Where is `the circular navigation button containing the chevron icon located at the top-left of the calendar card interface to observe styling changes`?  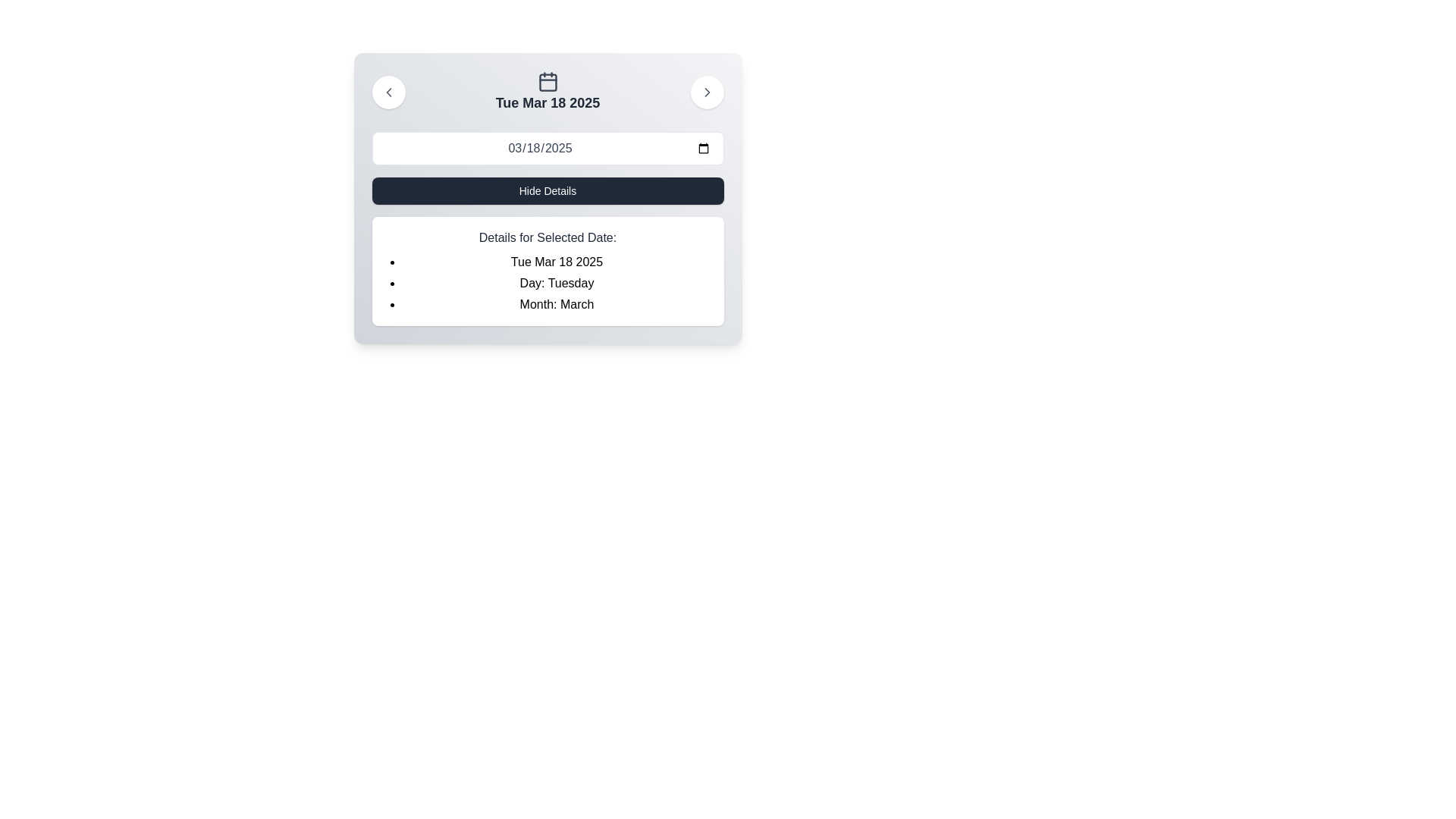
the circular navigation button containing the chevron icon located at the top-left of the calendar card interface to observe styling changes is located at coordinates (388, 93).